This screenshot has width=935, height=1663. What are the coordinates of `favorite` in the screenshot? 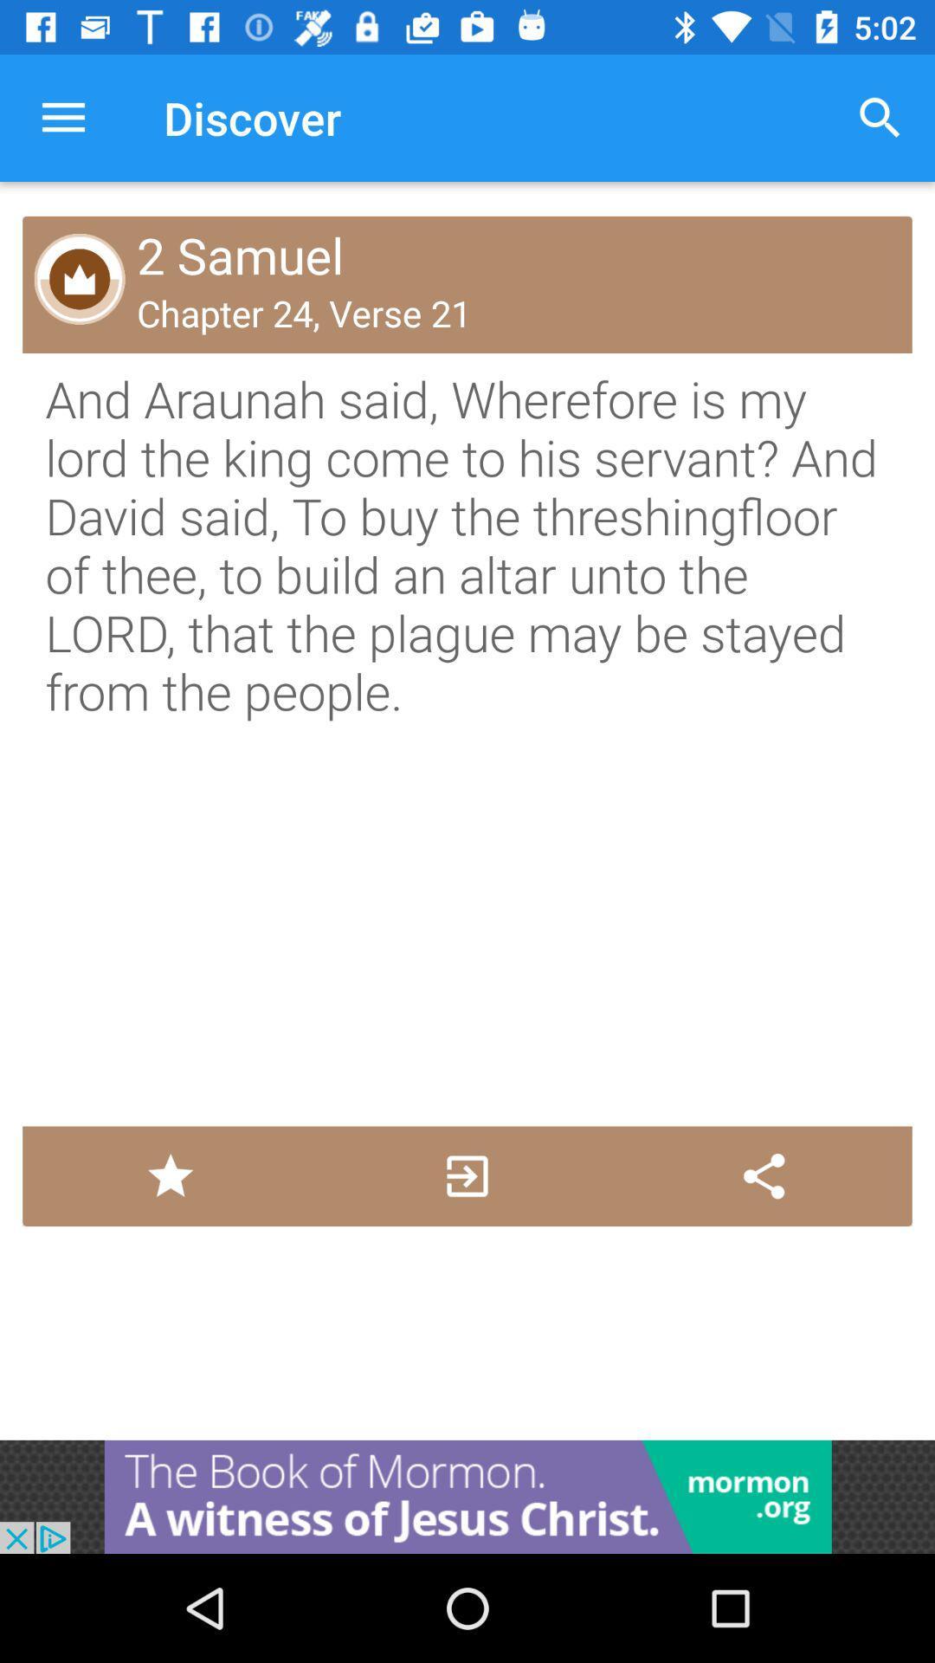 It's located at (171, 1176).